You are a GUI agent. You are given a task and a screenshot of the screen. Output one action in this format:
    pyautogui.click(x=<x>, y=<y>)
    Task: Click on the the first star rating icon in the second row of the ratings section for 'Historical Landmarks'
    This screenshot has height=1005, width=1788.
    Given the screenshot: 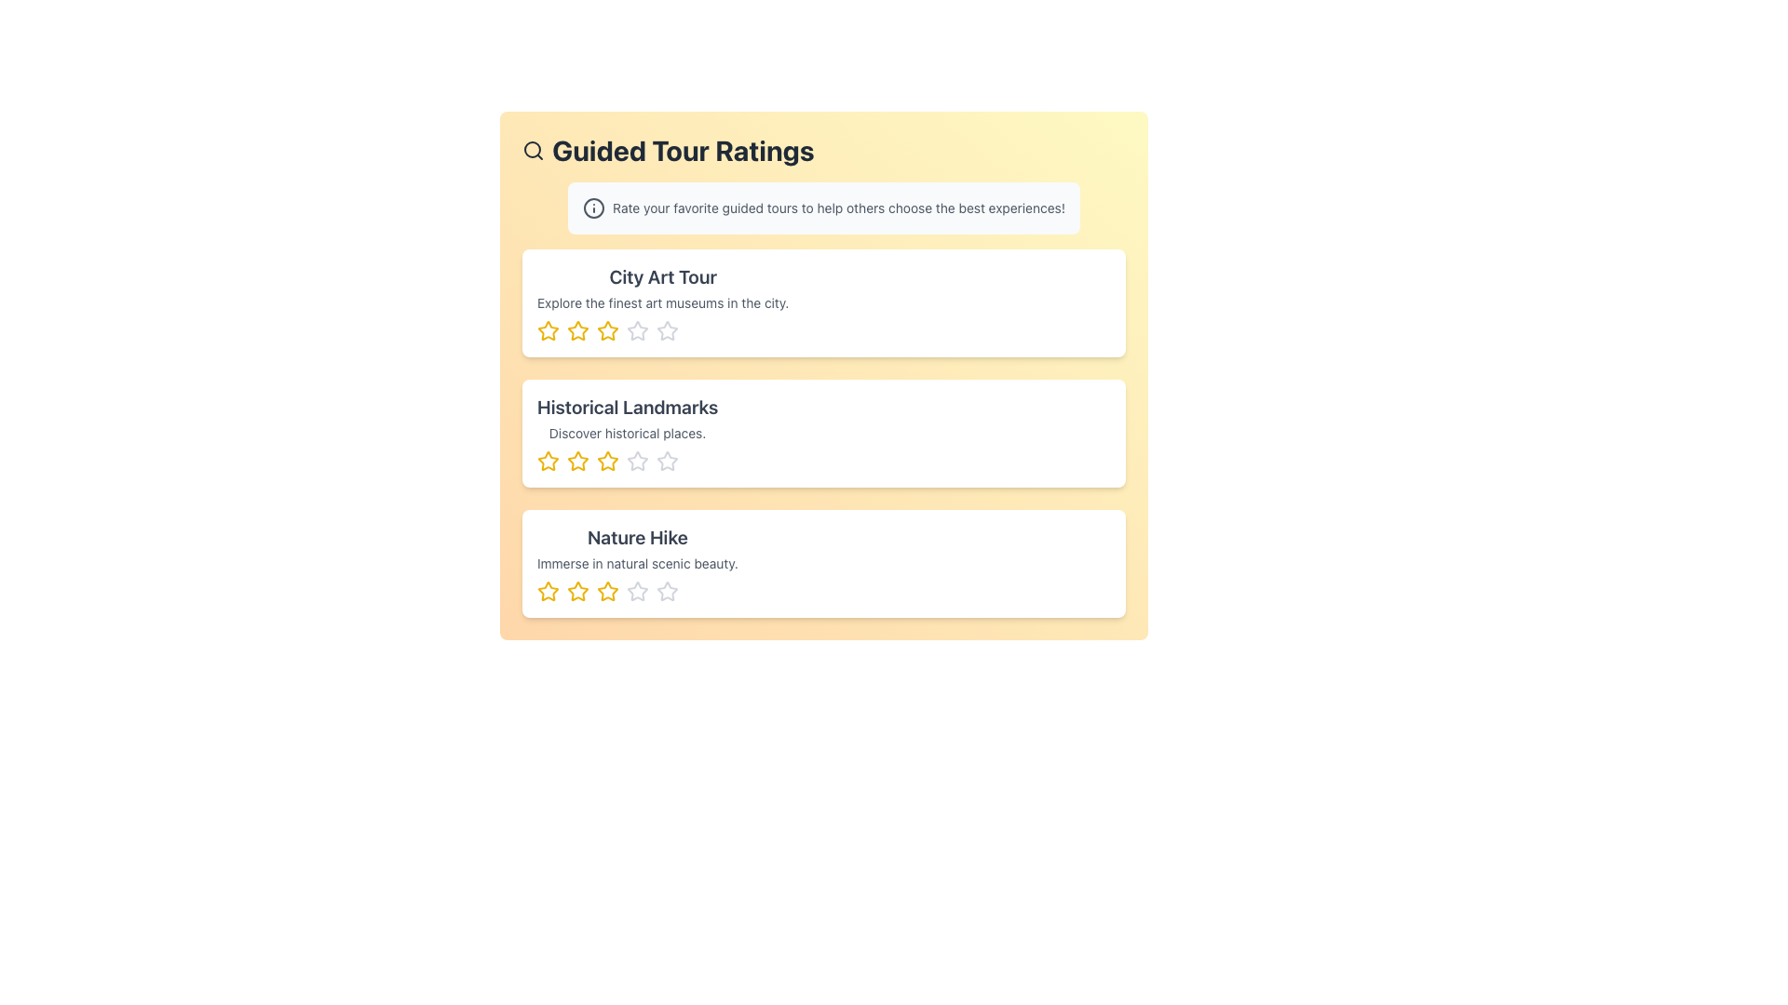 What is the action you would take?
    pyautogui.click(x=548, y=461)
    